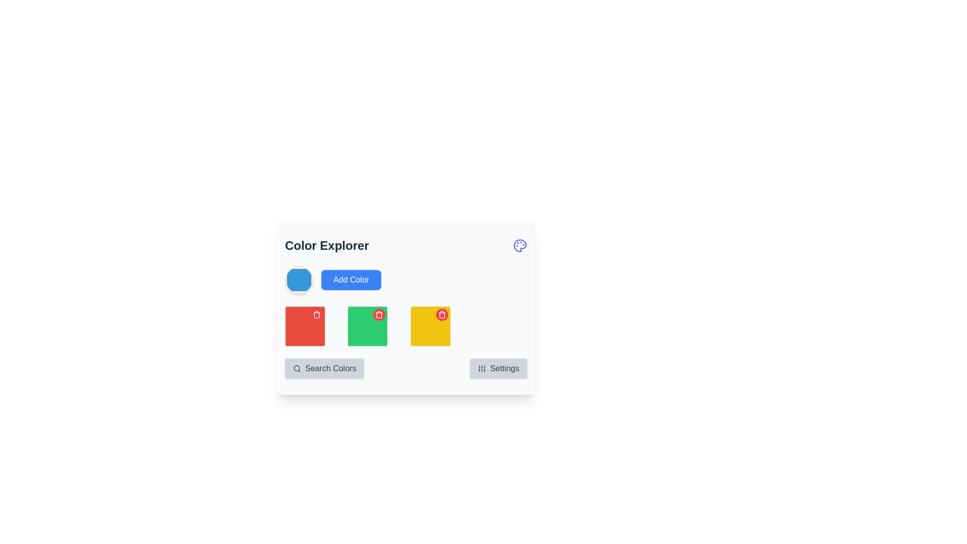  Describe the element at coordinates (379, 314) in the screenshot. I see `the trash can icon located within the red circular button at the top-right corner of the red square in the middle row of the color grid` at that location.